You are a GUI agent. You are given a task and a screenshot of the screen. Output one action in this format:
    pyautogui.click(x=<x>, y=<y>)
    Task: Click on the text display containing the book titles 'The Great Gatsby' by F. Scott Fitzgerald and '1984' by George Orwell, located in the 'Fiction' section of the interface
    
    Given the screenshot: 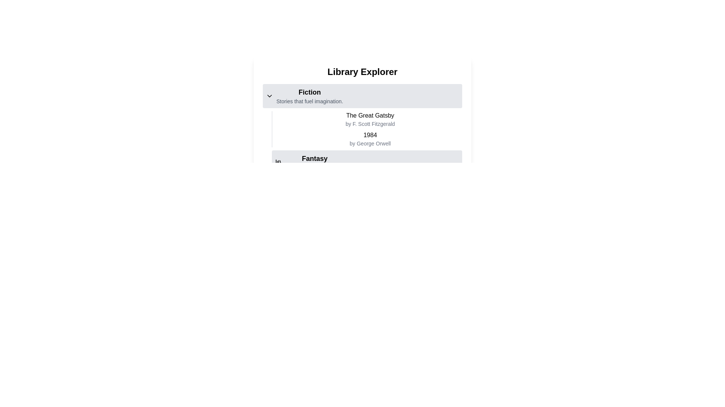 What is the action you would take?
    pyautogui.click(x=367, y=142)
    